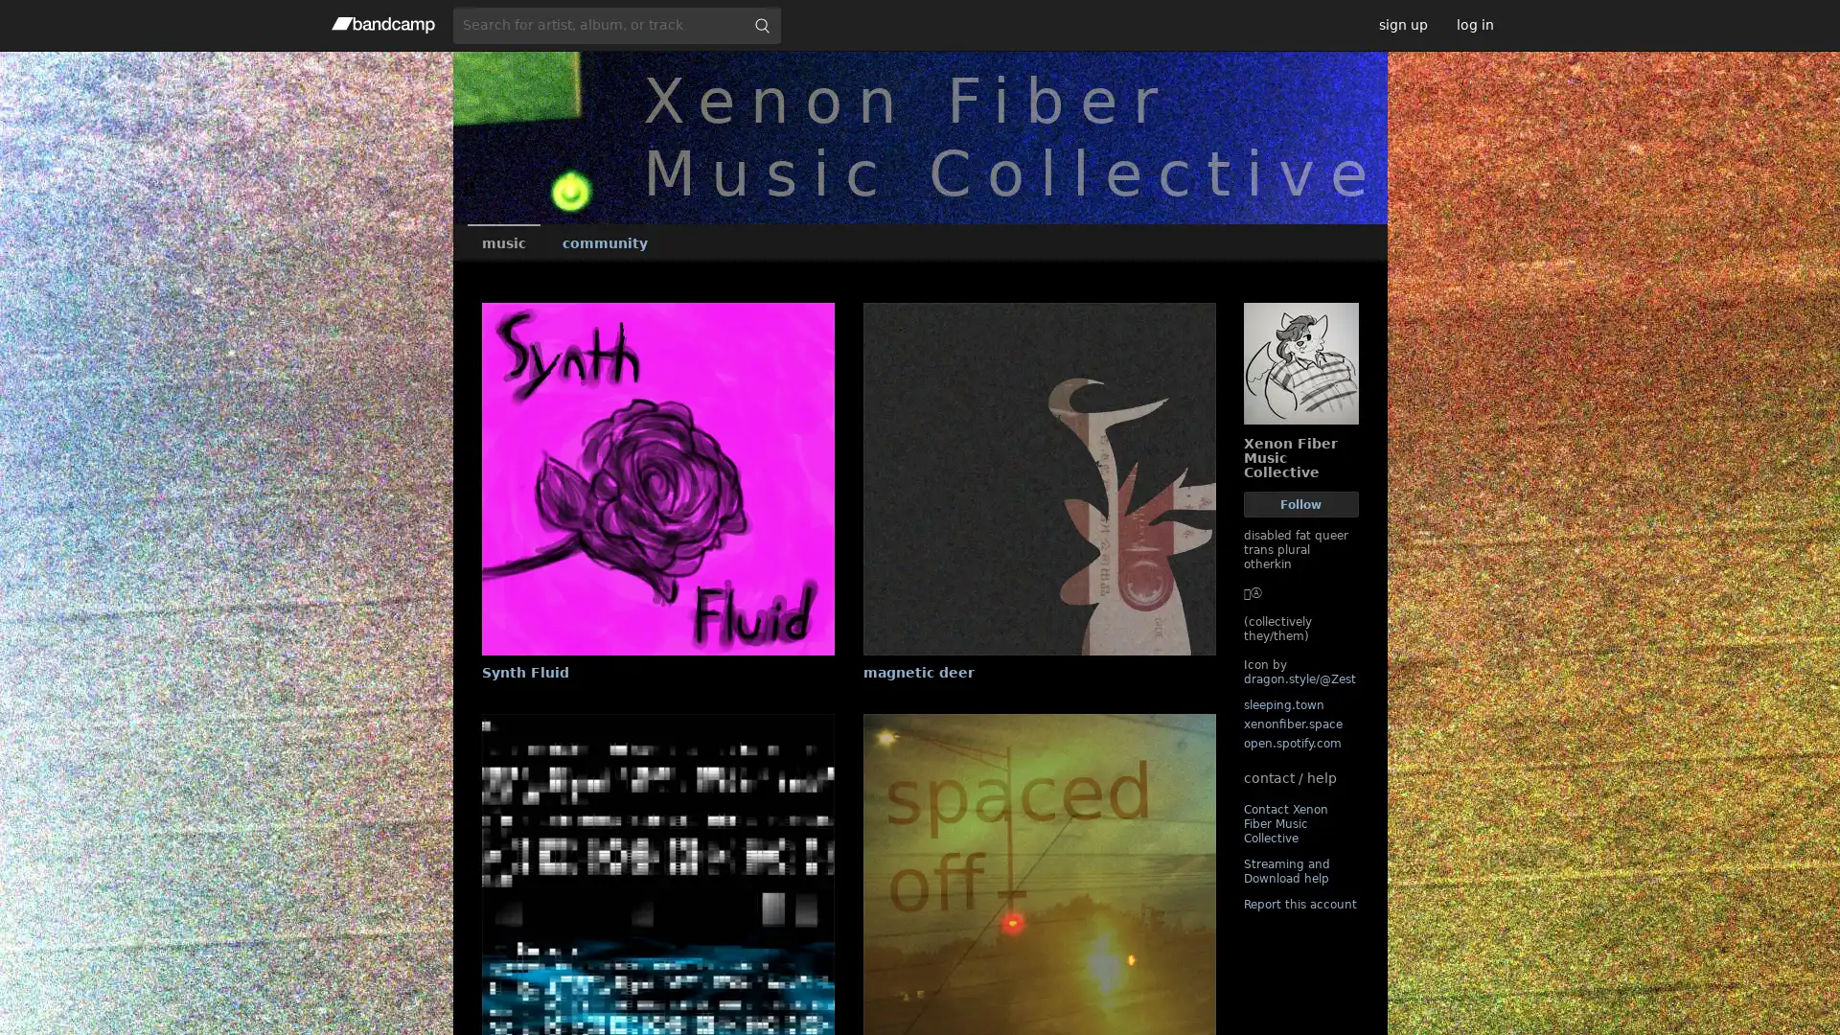 This screenshot has width=1840, height=1035. I want to click on Follow, so click(1300, 503).